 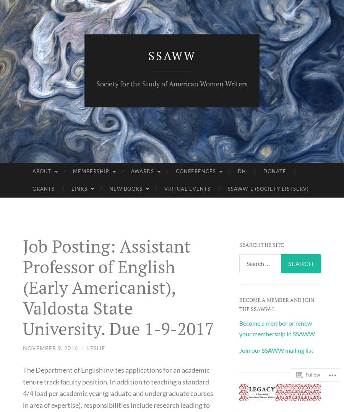 What do you see at coordinates (96, 347) in the screenshot?
I see `'Leslie'` at bounding box center [96, 347].